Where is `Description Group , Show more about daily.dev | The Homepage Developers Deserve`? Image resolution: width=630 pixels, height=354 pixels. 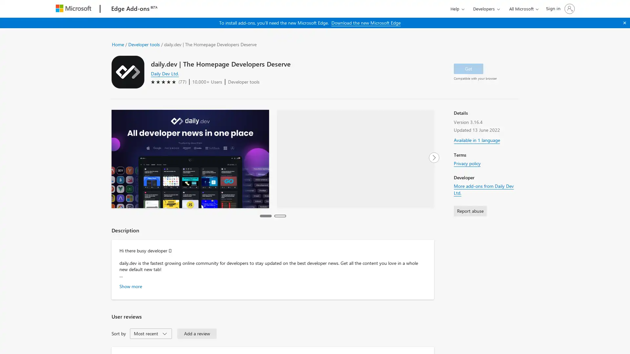 Description Group , Show more about daily.dev | The Homepage Developers Deserve is located at coordinates (131, 285).